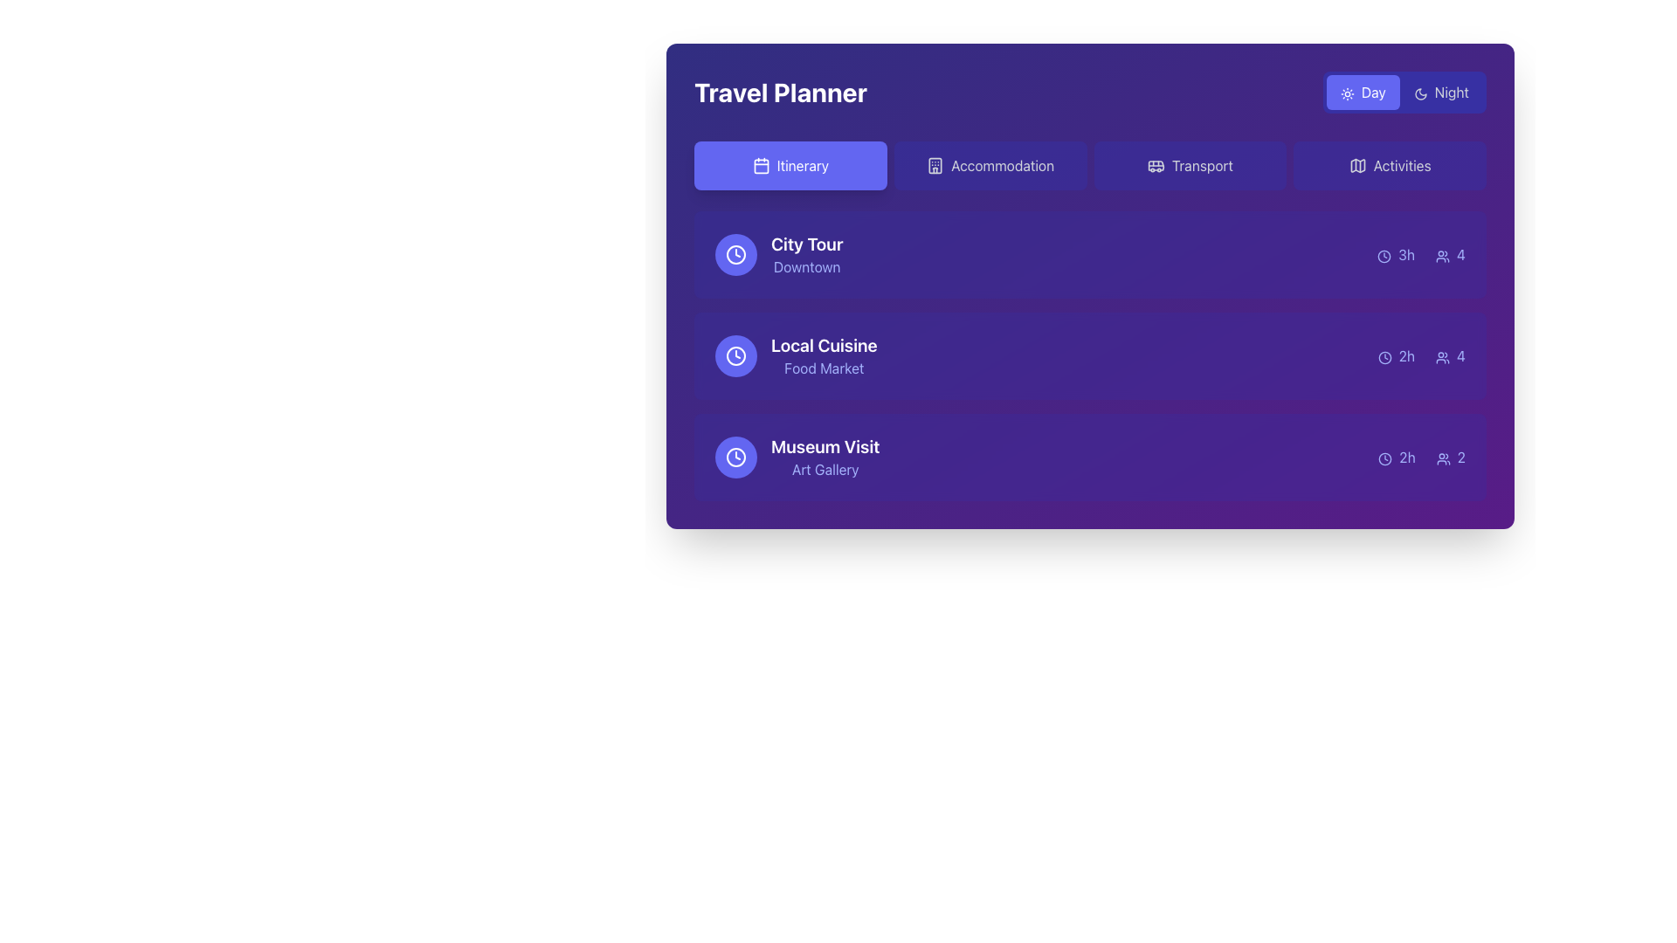  Describe the element at coordinates (1384, 458) in the screenshot. I see `the display of the clock icon located to the left of the '2h' text in the third list item of the 'Travel Planner' interface` at that location.